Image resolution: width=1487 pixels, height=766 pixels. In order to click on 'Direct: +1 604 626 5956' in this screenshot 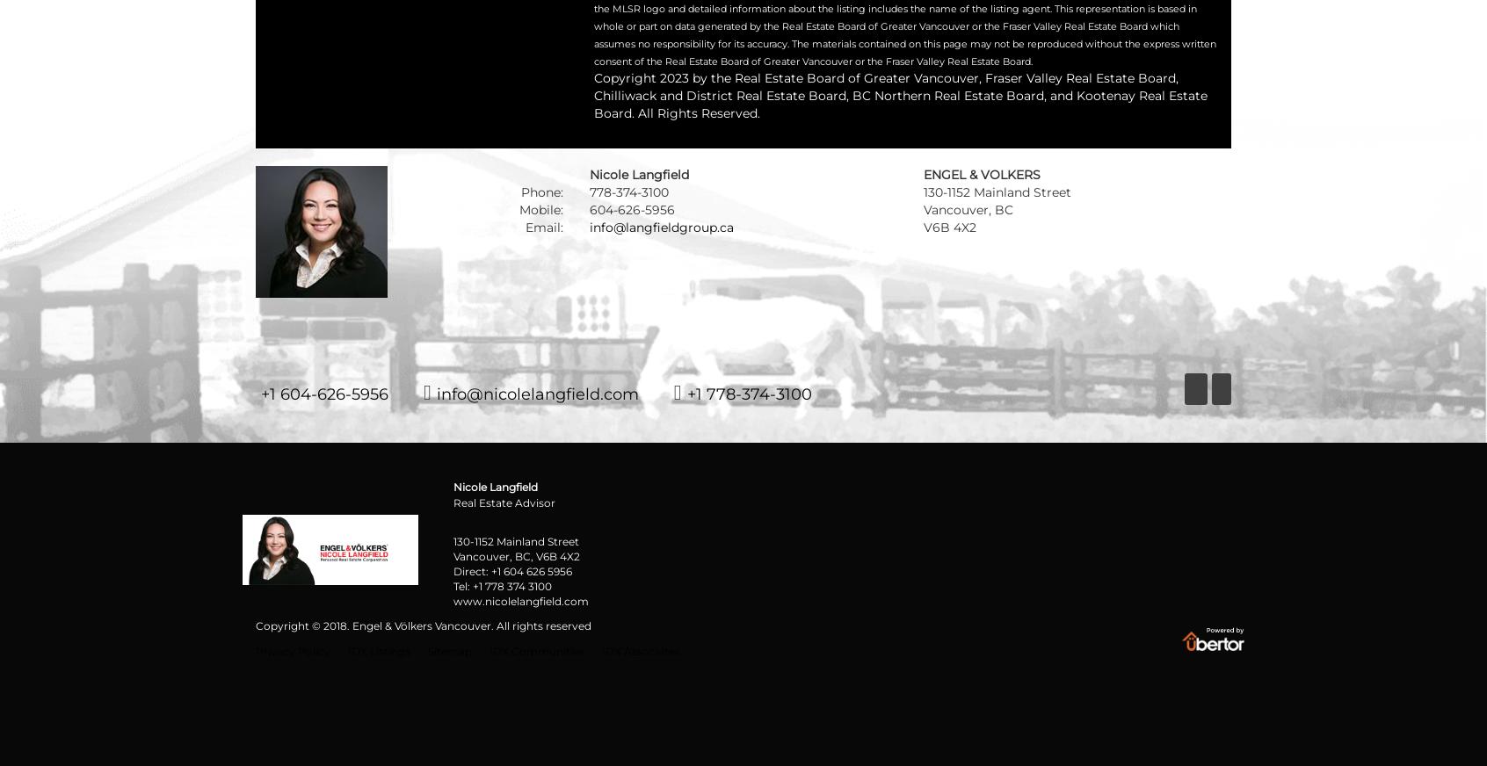, I will do `click(511, 571)`.